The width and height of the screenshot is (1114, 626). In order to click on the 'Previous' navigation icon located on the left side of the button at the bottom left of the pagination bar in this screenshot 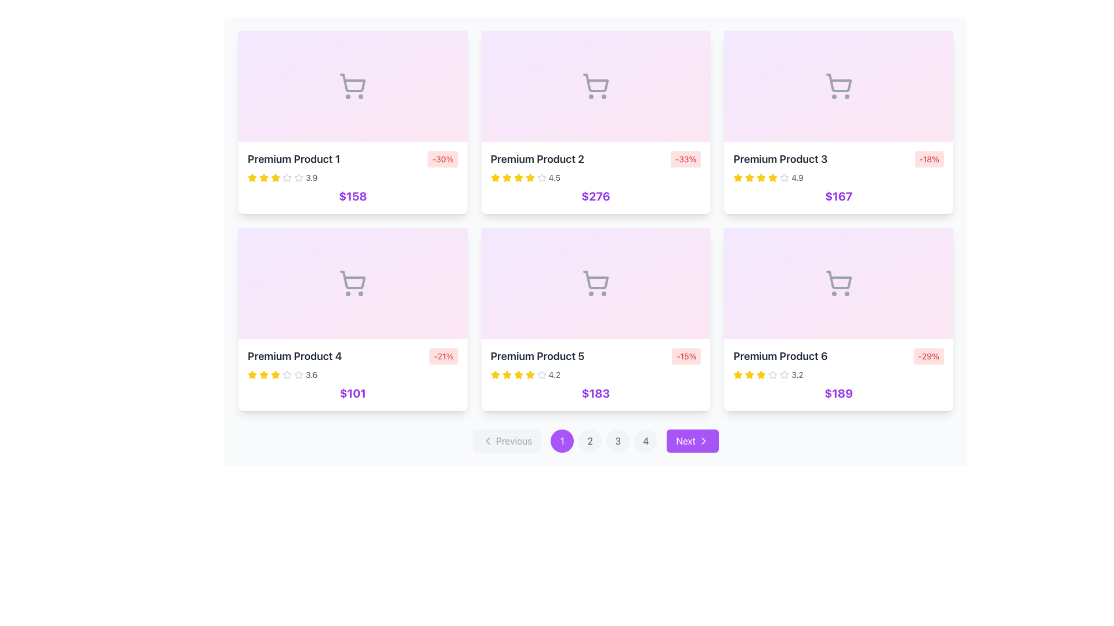, I will do `click(487, 441)`.